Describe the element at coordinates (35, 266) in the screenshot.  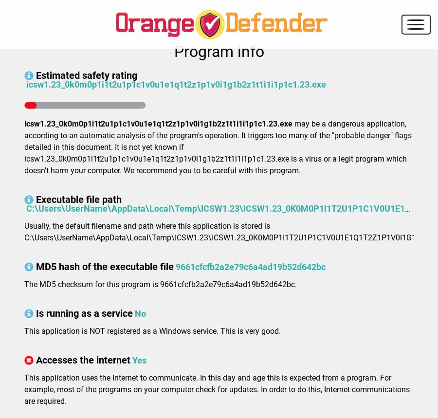
I see `'MD5 hash of the executable file'` at that location.